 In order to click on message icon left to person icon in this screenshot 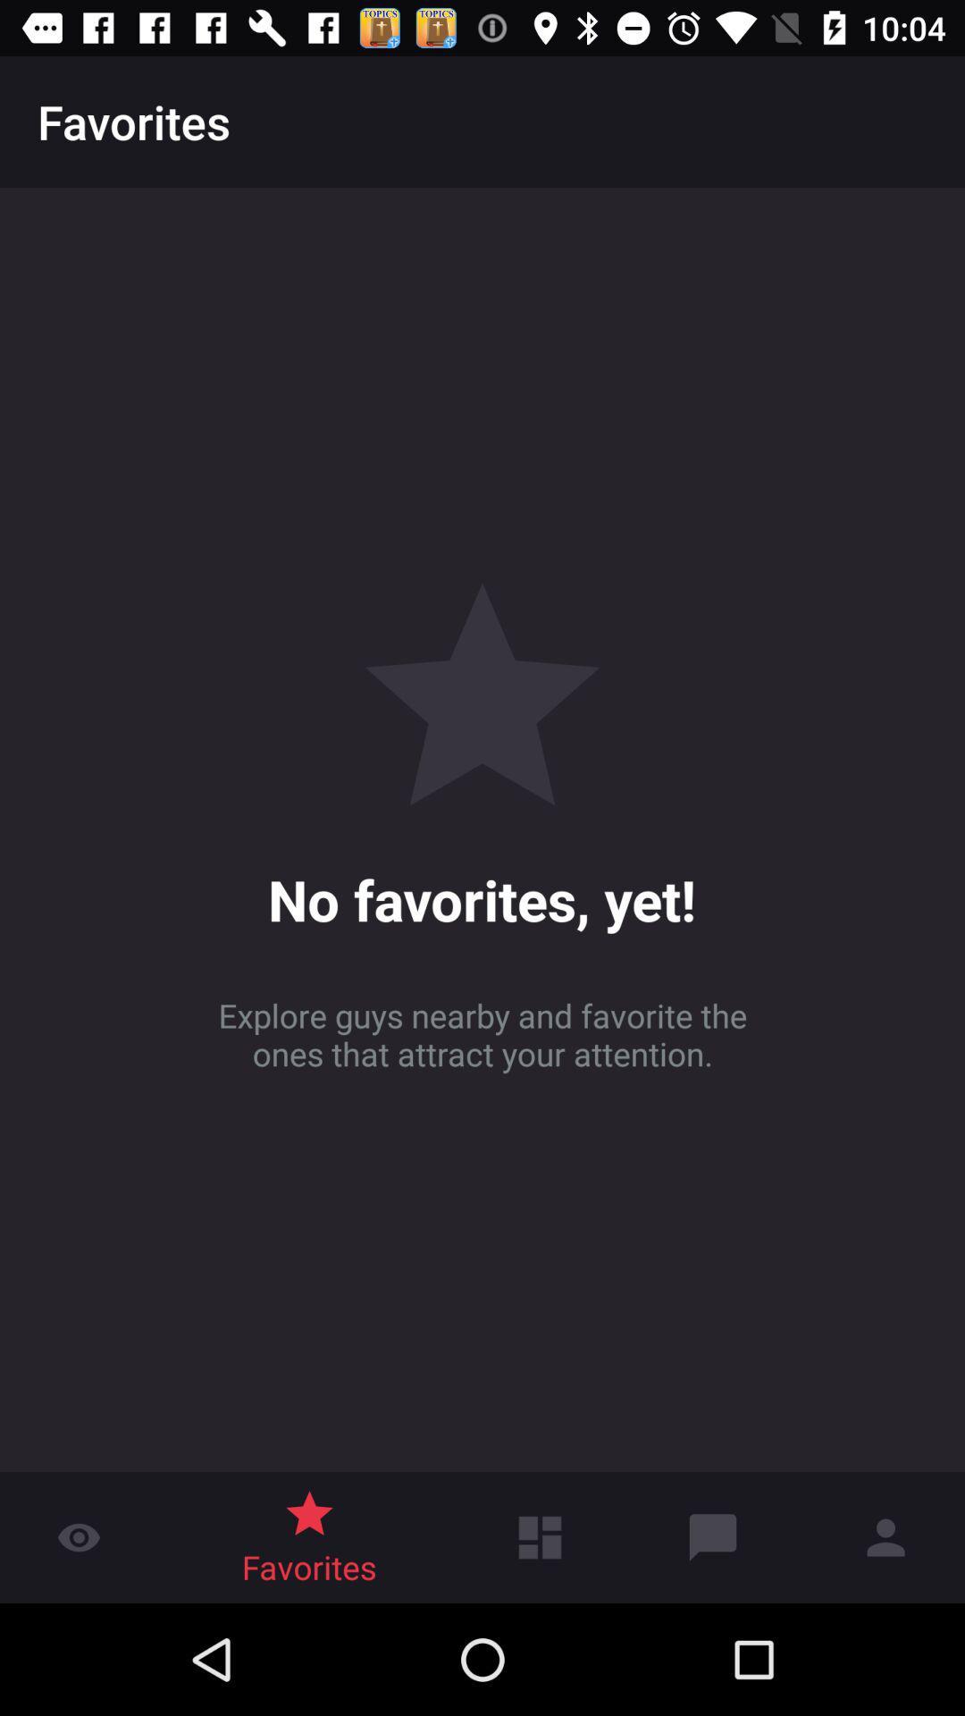, I will do `click(712, 1536)`.